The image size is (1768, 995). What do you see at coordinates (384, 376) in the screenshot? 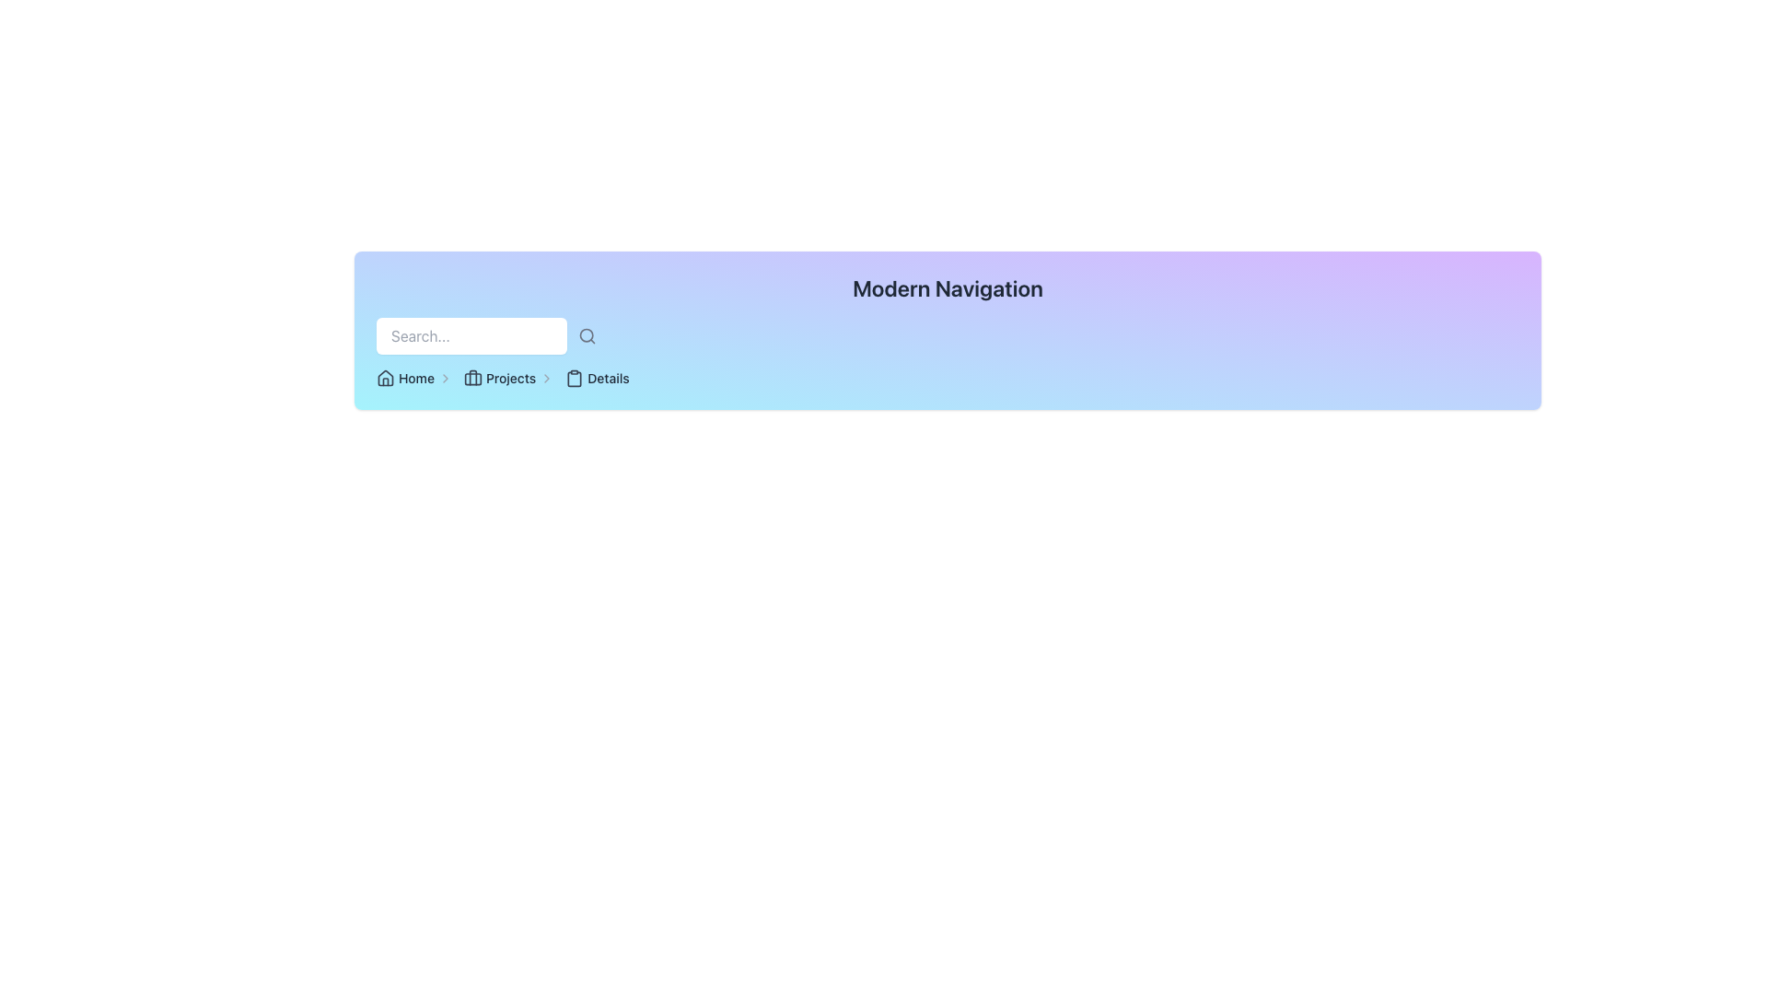
I see `the home-shaped icon located on the left side of the navigation bar` at bounding box center [384, 376].